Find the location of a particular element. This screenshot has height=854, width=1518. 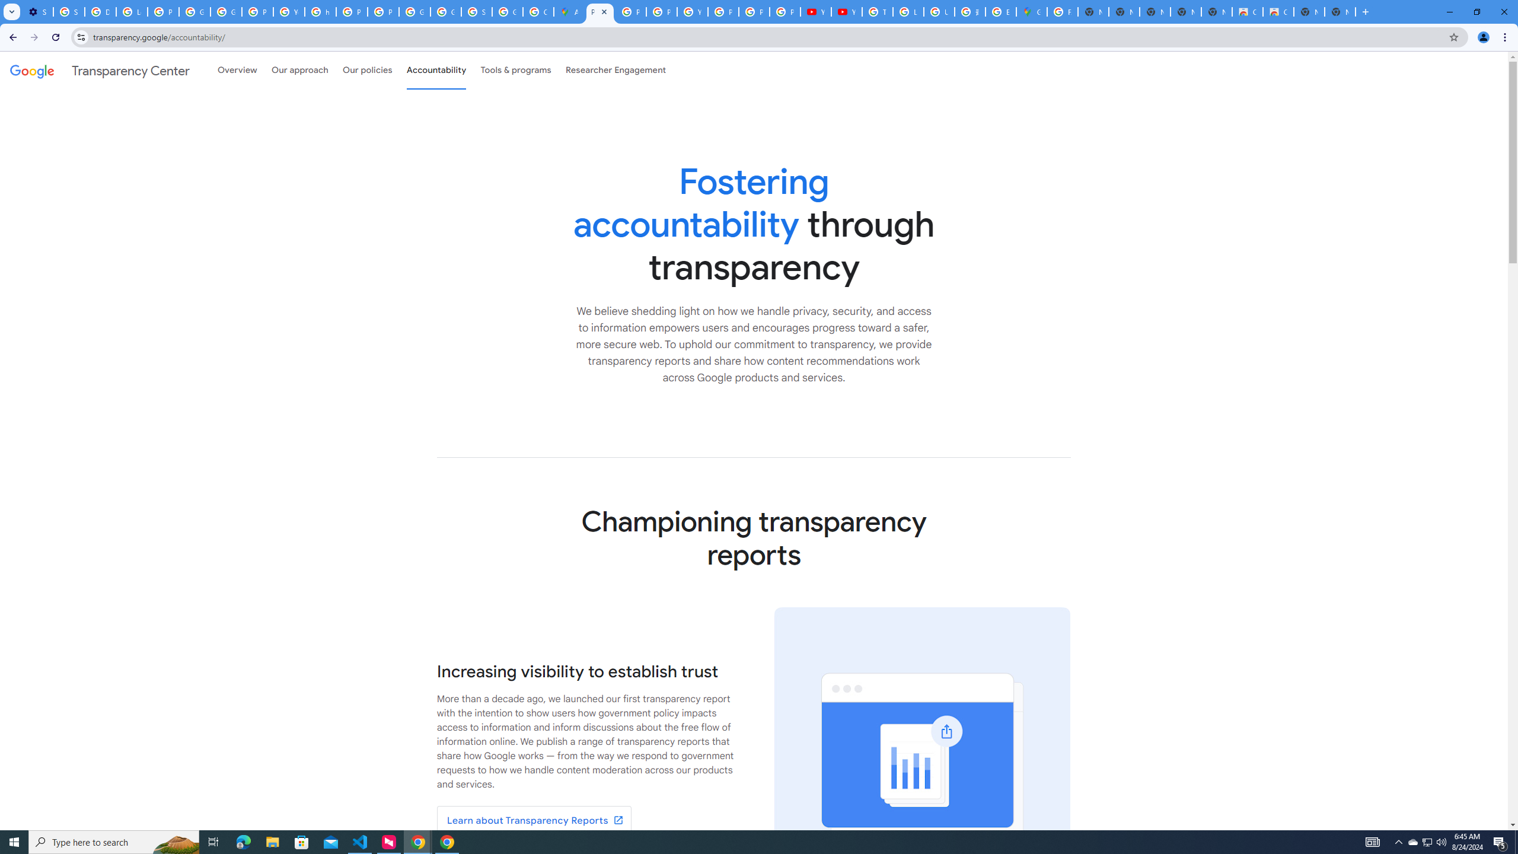

'Create your Google Account' is located at coordinates (537, 11).